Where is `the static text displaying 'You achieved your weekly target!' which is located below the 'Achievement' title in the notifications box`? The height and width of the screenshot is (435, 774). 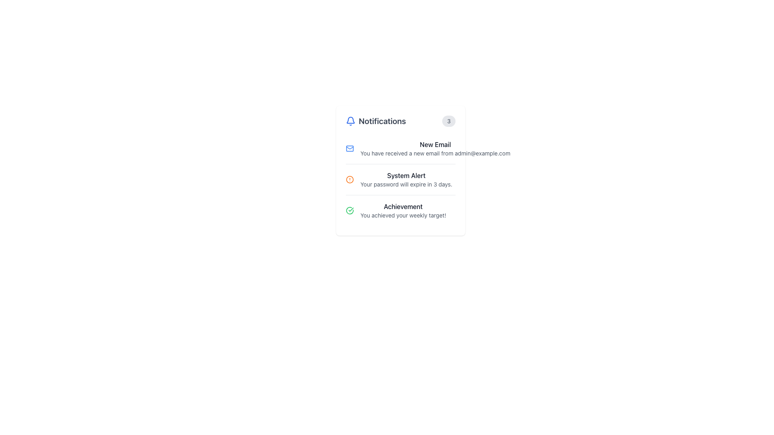 the static text displaying 'You achieved your weekly target!' which is located below the 'Achievement' title in the notifications box is located at coordinates (403, 215).